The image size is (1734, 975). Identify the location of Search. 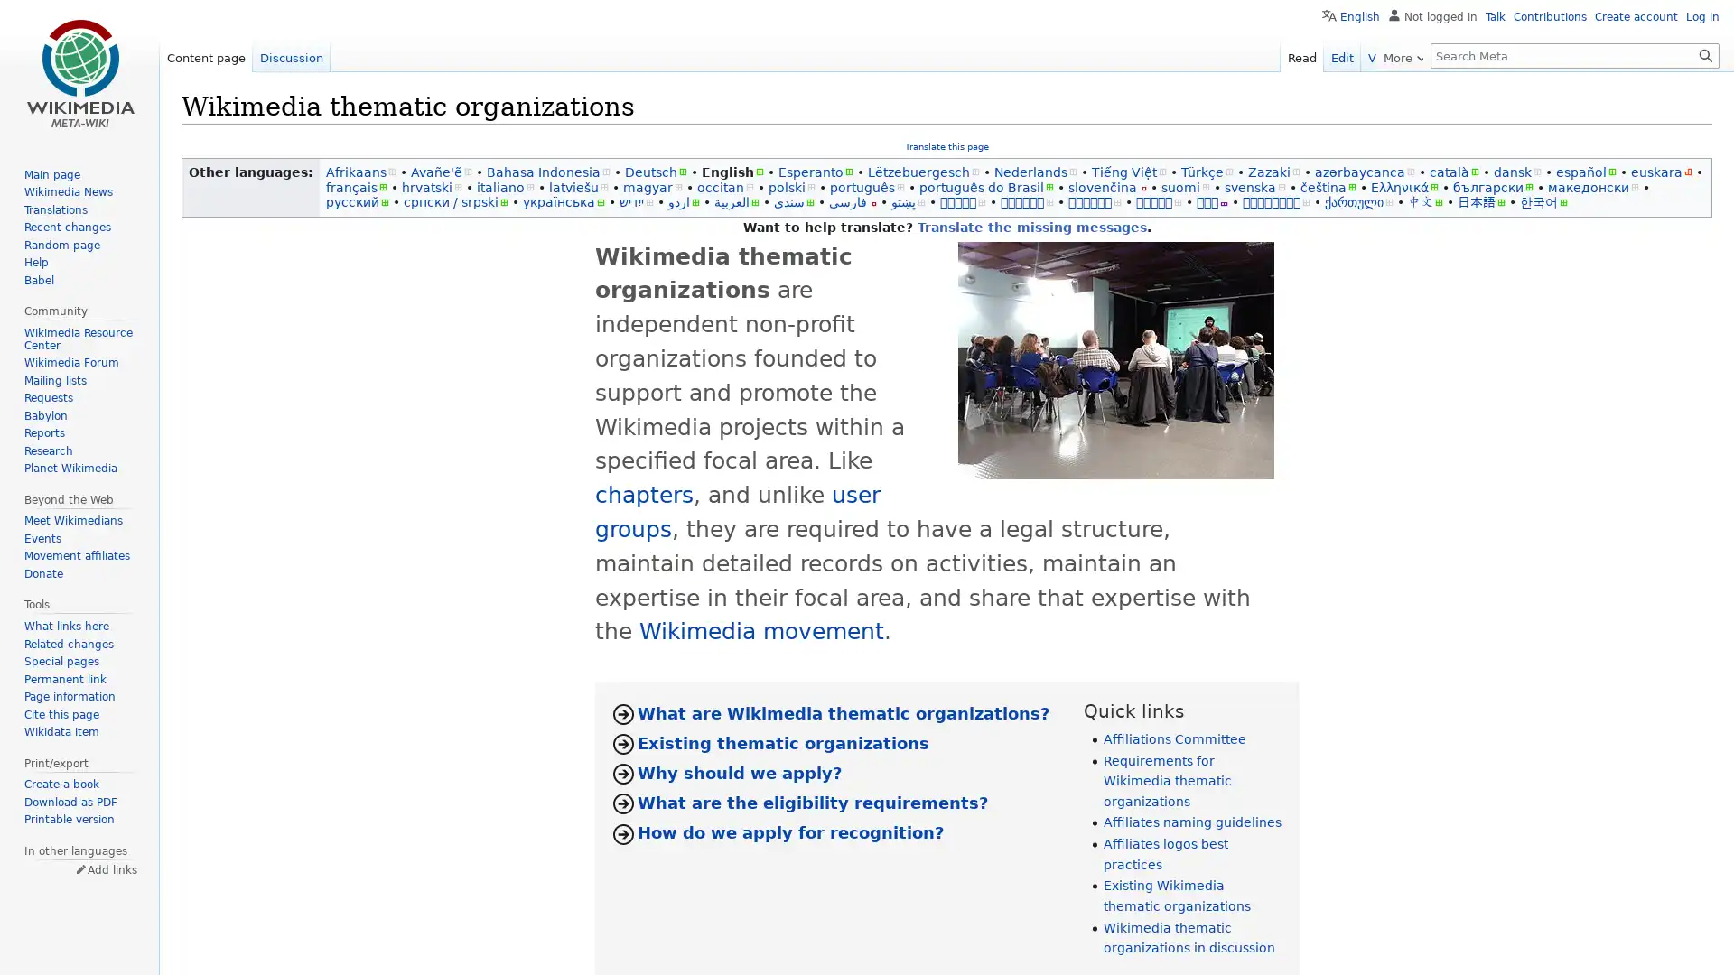
(1705, 54).